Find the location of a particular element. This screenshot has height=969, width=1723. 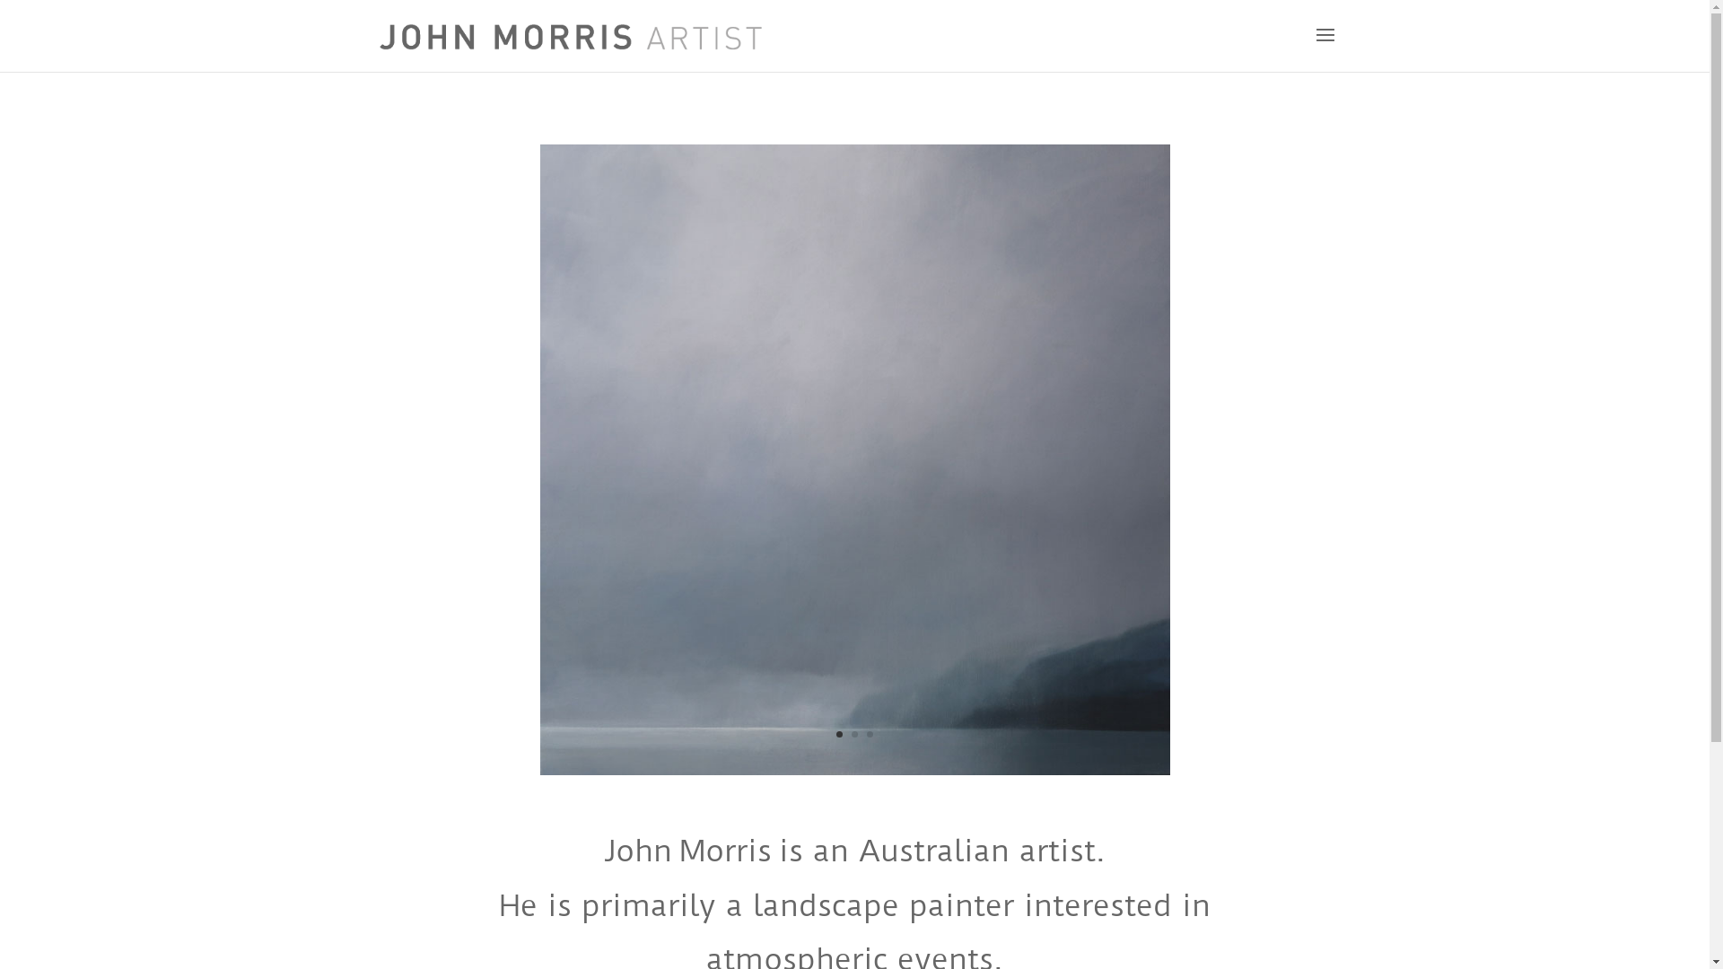

'3' is located at coordinates (870, 734).